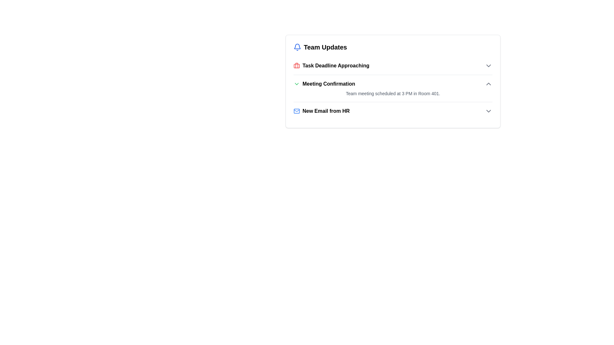 This screenshot has height=345, width=614. Describe the element at coordinates (392, 94) in the screenshot. I see `text line displaying the message 'Team meeting scheduled at 3 PM in Room 401.' located in the 'Meeting Confirmation' section, positioned below the header text` at that location.